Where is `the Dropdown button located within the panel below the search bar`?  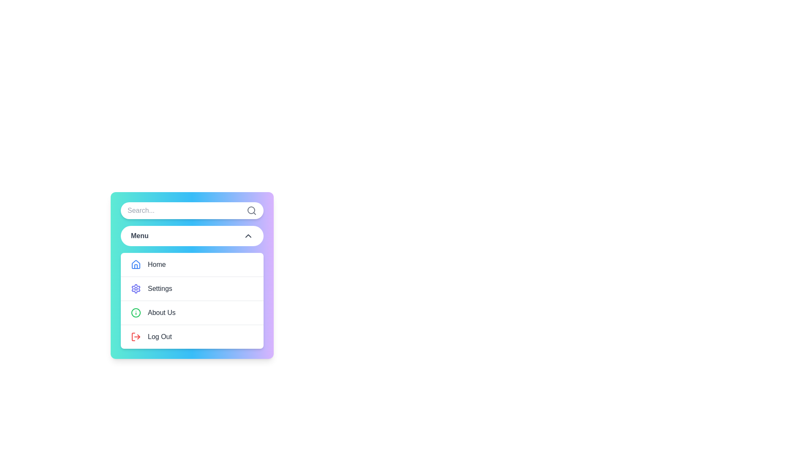 the Dropdown button located within the panel below the search bar is located at coordinates (192, 236).